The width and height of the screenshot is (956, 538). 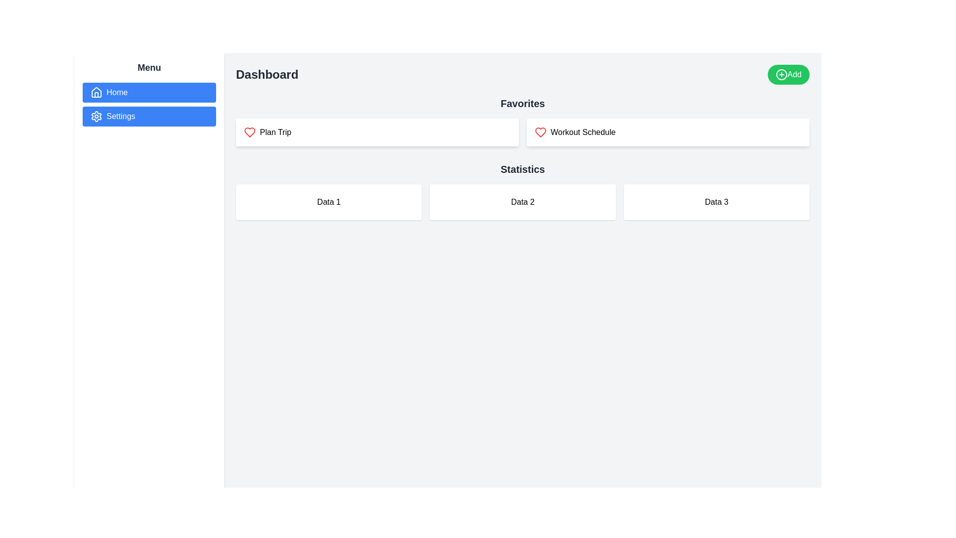 What do you see at coordinates (668, 132) in the screenshot?
I see `the workout schedule card, which is the second card in the horizontal group under the 'Favorites' section, located to the right of the 'Plan Trip' card` at bounding box center [668, 132].